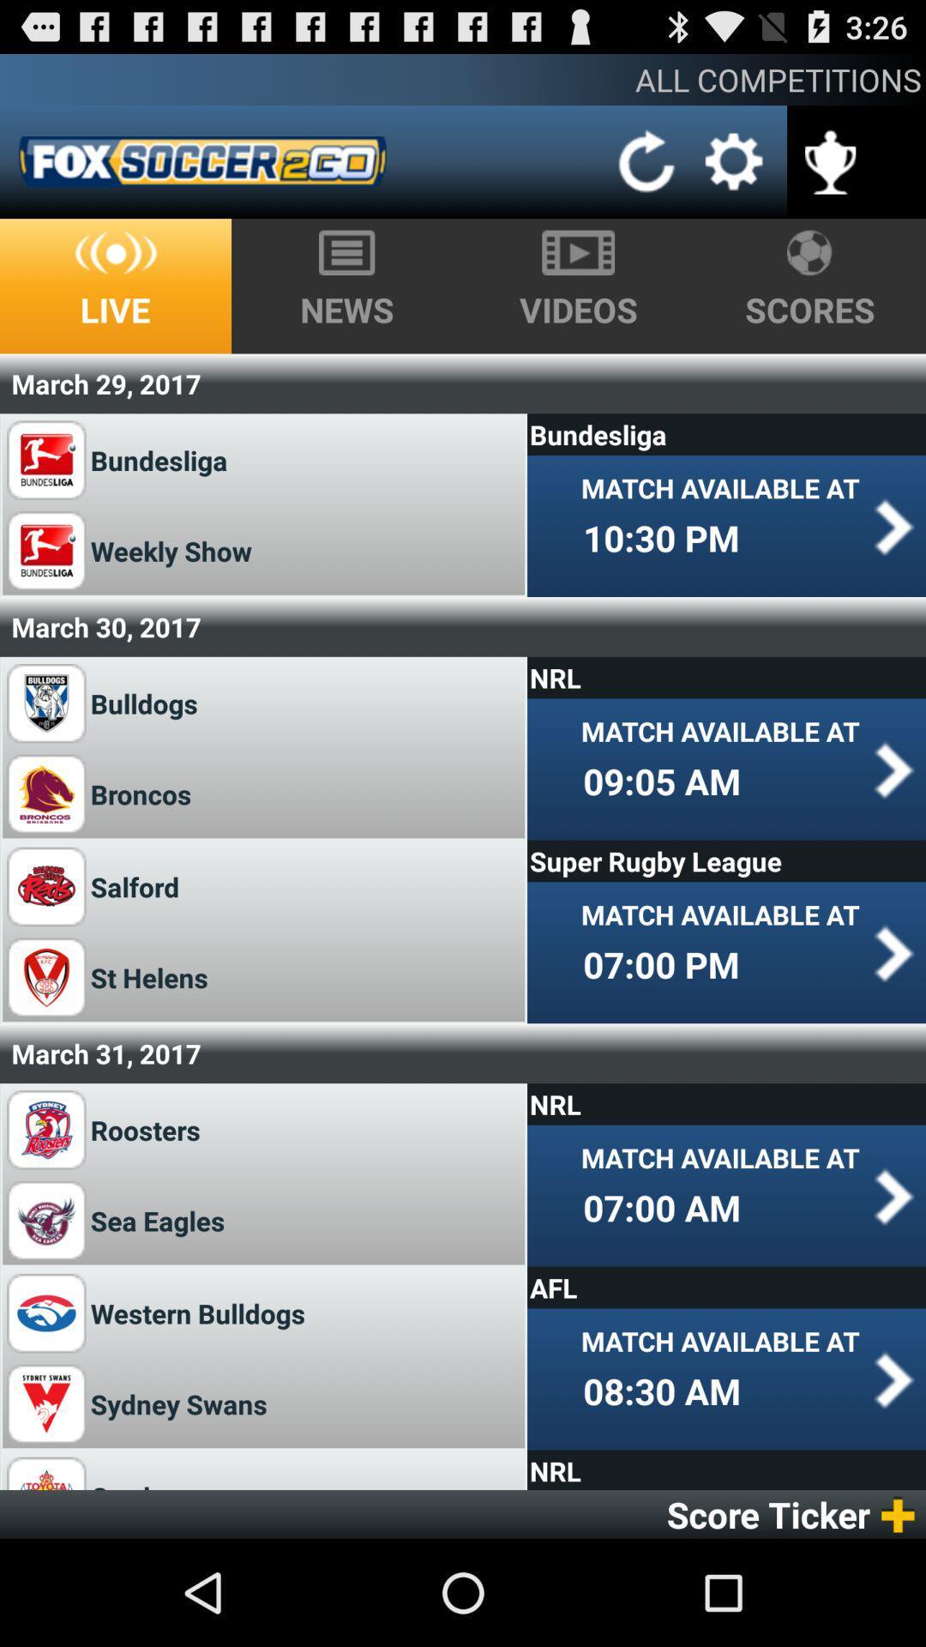 The image size is (926, 1647). What do you see at coordinates (144, 1130) in the screenshot?
I see `the roosters item` at bounding box center [144, 1130].